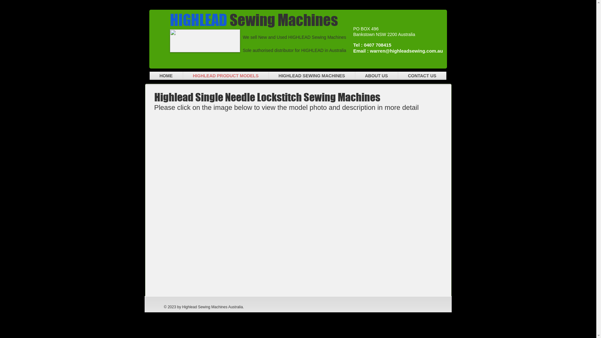 This screenshot has height=338, width=601. What do you see at coordinates (311, 75) in the screenshot?
I see `'HIGHLEAD SEWING MACHINES'` at bounding box center [311, 75].